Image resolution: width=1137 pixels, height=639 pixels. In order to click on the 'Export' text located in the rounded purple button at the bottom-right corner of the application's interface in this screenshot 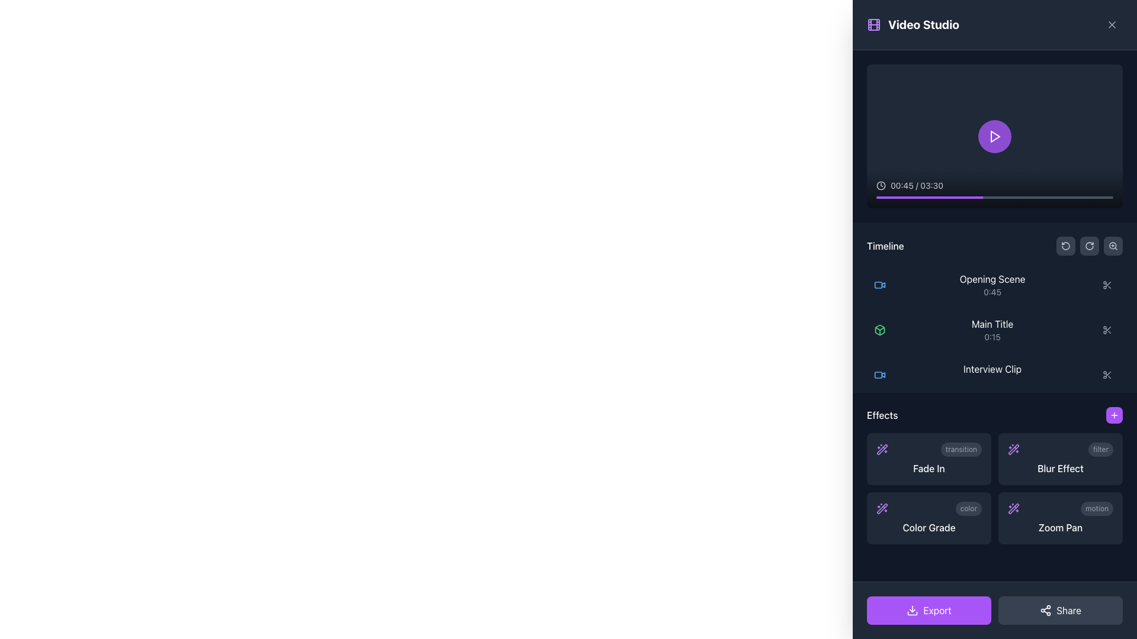, I will do `click(937, 611)`.